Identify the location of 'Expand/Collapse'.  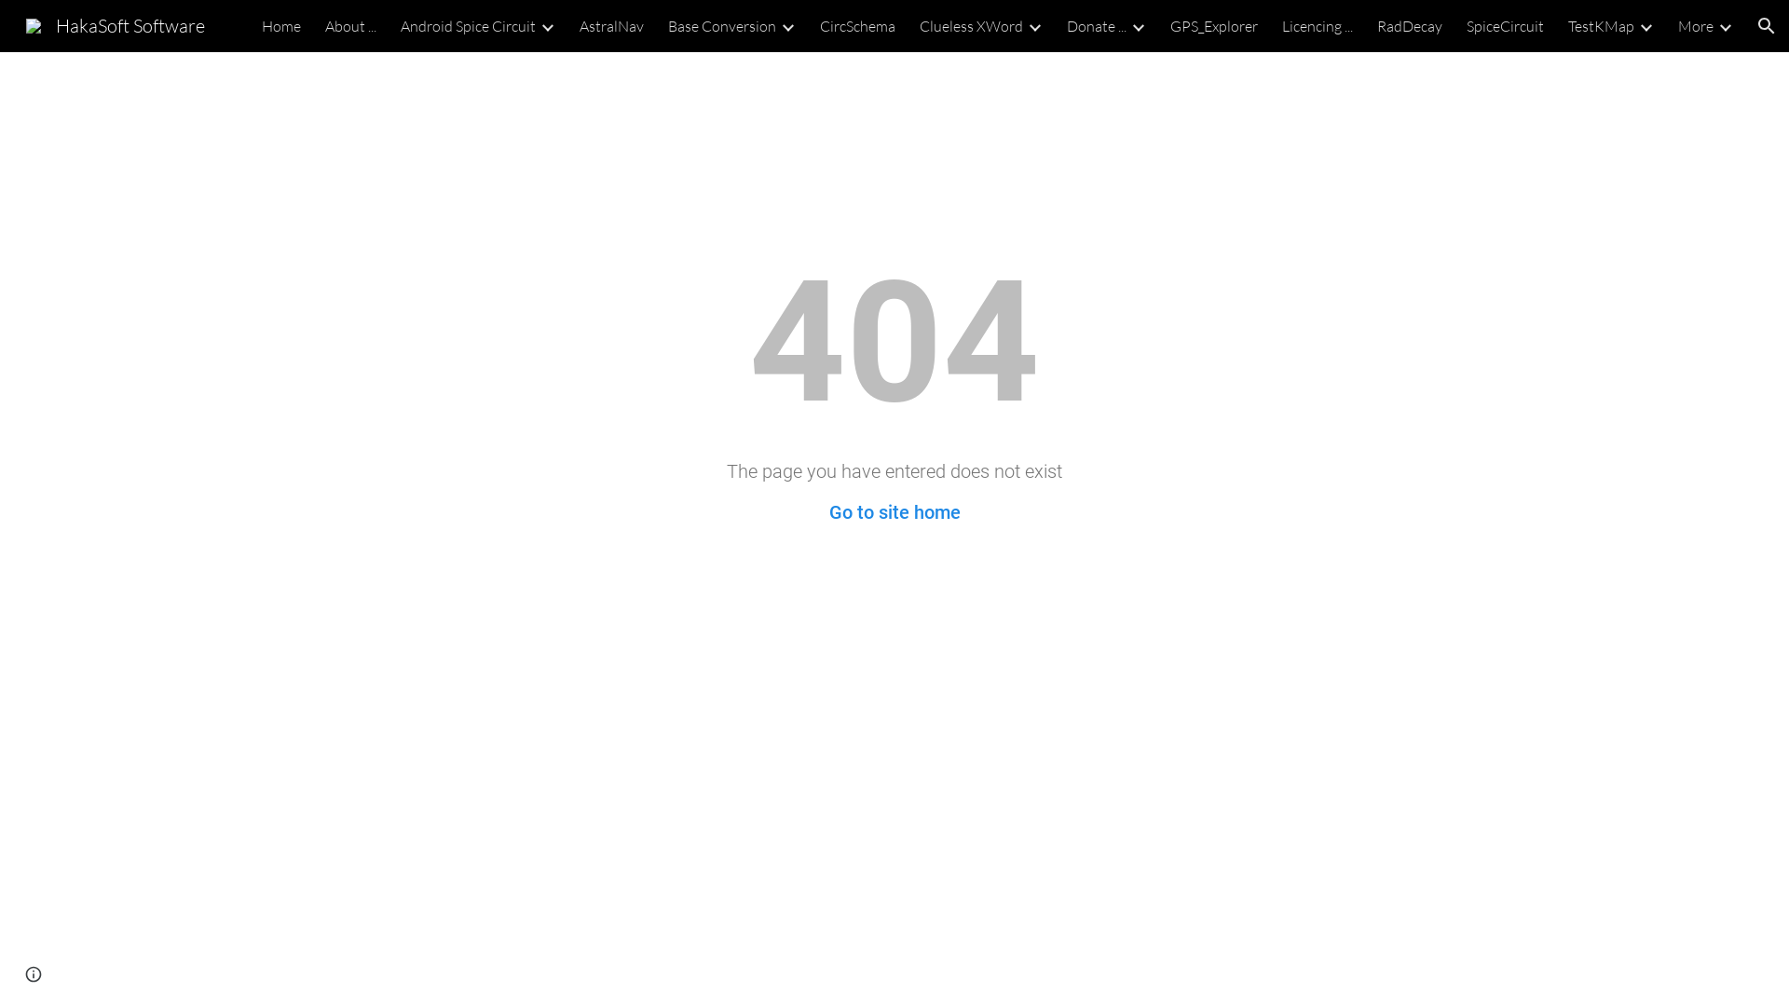
(1646, 25).